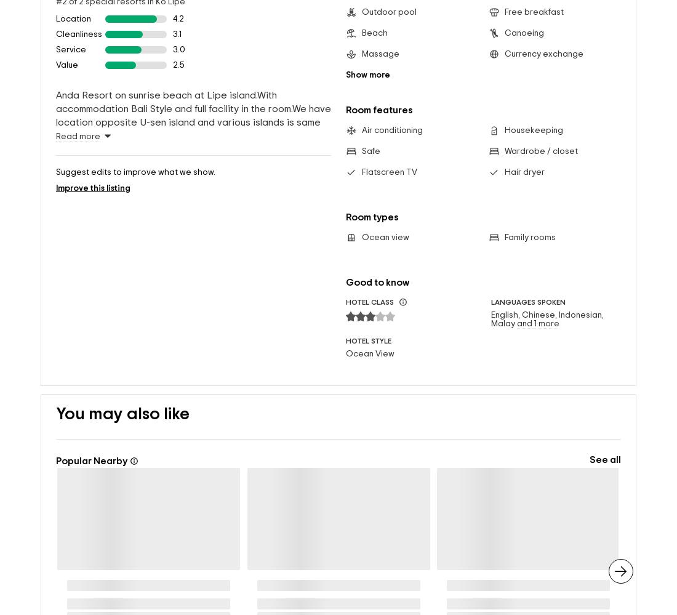 This screenshot has height=615, width=677. Describe the element at coordinates (503, 131) in the screenshot. I see `'Wardrobe / closet'` at that location.